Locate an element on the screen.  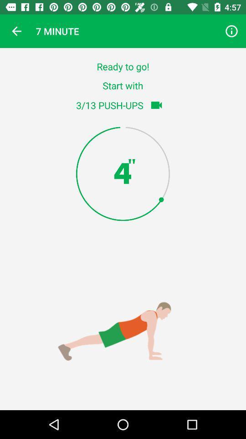
watch video of workout is located at coordinates (156, 105).